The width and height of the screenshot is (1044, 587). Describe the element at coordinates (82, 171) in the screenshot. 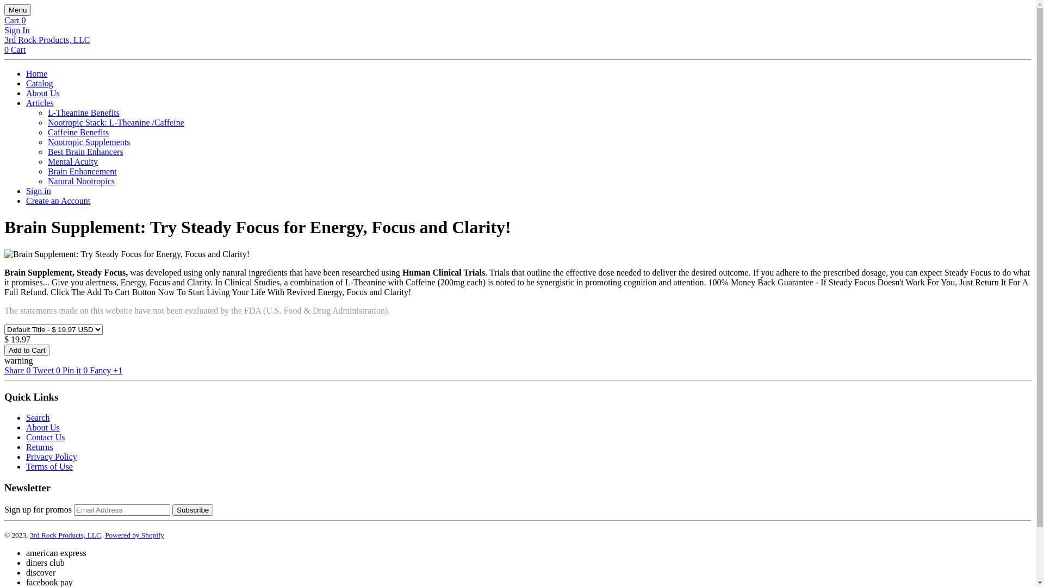

I see `'Brain Enhancement'` at that location.